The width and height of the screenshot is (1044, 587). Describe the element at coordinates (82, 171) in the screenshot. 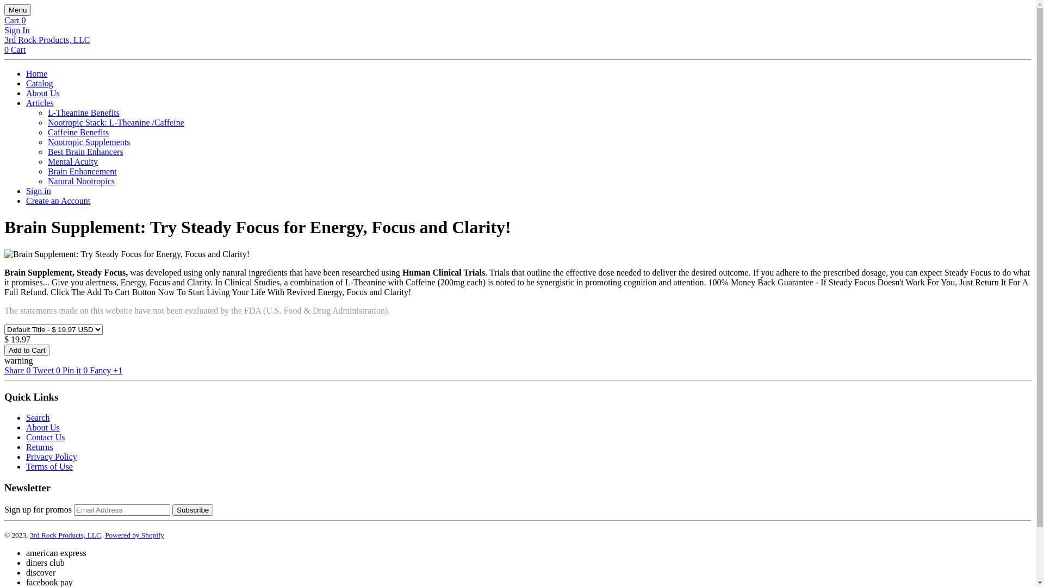

I see `'Brain Enhancement'` at that location.